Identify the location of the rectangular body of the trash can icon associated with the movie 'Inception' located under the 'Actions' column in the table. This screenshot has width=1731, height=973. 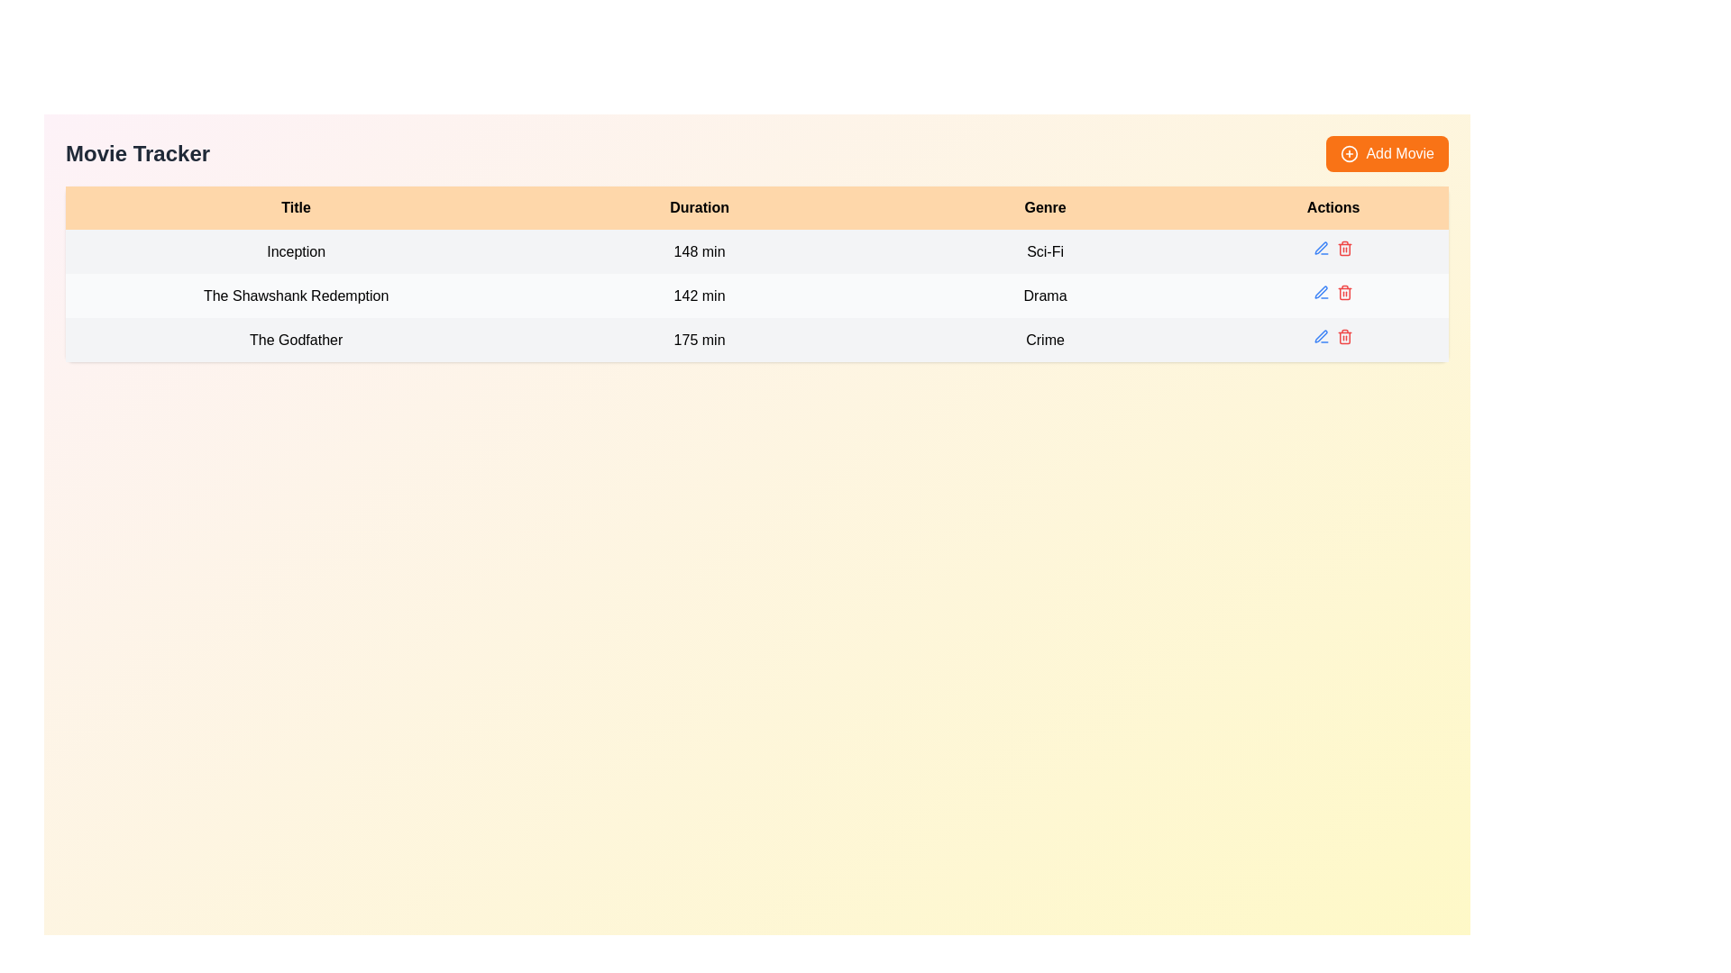
(1345, 250).